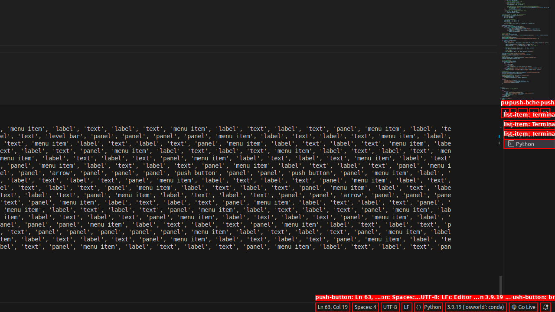 This screenshot has width=555, height=312. I want to click on 'New Terminal (Ctrl+Shift+`) [Alt] Split Terminal (Ctrl+Shift+5)', so click(505, 112).